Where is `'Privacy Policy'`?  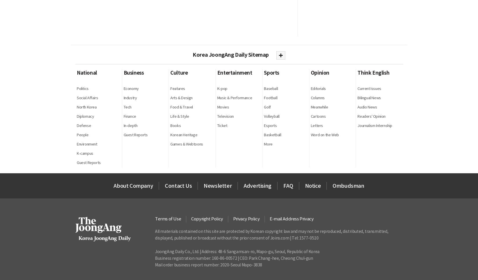
'Privacy Policy' is located at coordinates (246, 219).